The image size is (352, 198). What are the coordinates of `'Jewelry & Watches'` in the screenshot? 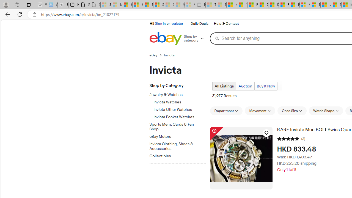 It's located at (180, 94).